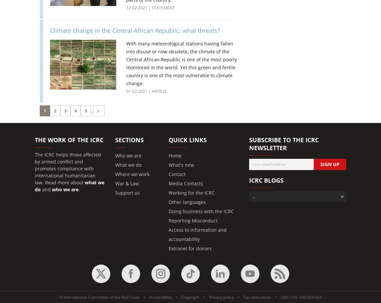  What do you see at coordinates (188, 139) in the screenshot?
I see `'Quick links'` at bounding box center [188, 139].